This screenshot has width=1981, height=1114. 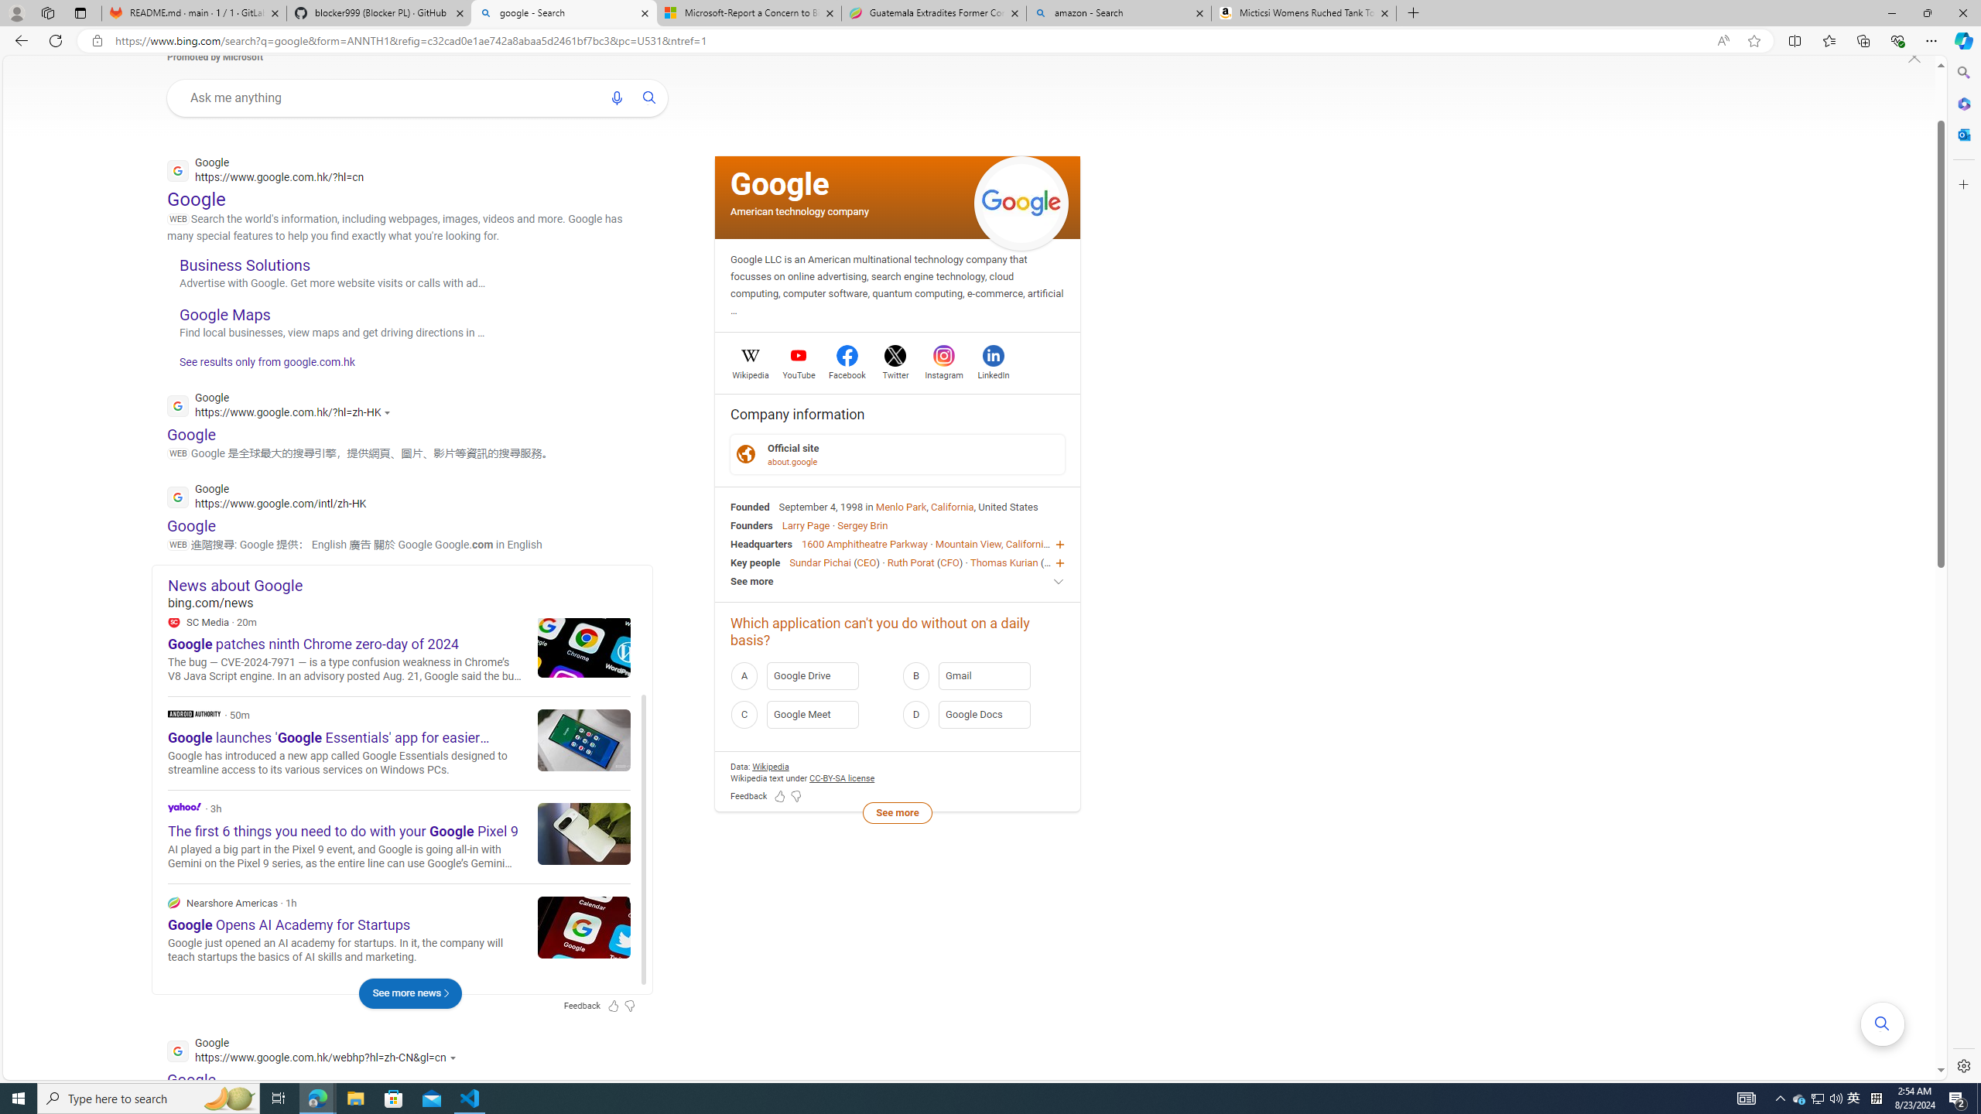 I want to click on 'A Google Drive', so click(x=811, y=675).